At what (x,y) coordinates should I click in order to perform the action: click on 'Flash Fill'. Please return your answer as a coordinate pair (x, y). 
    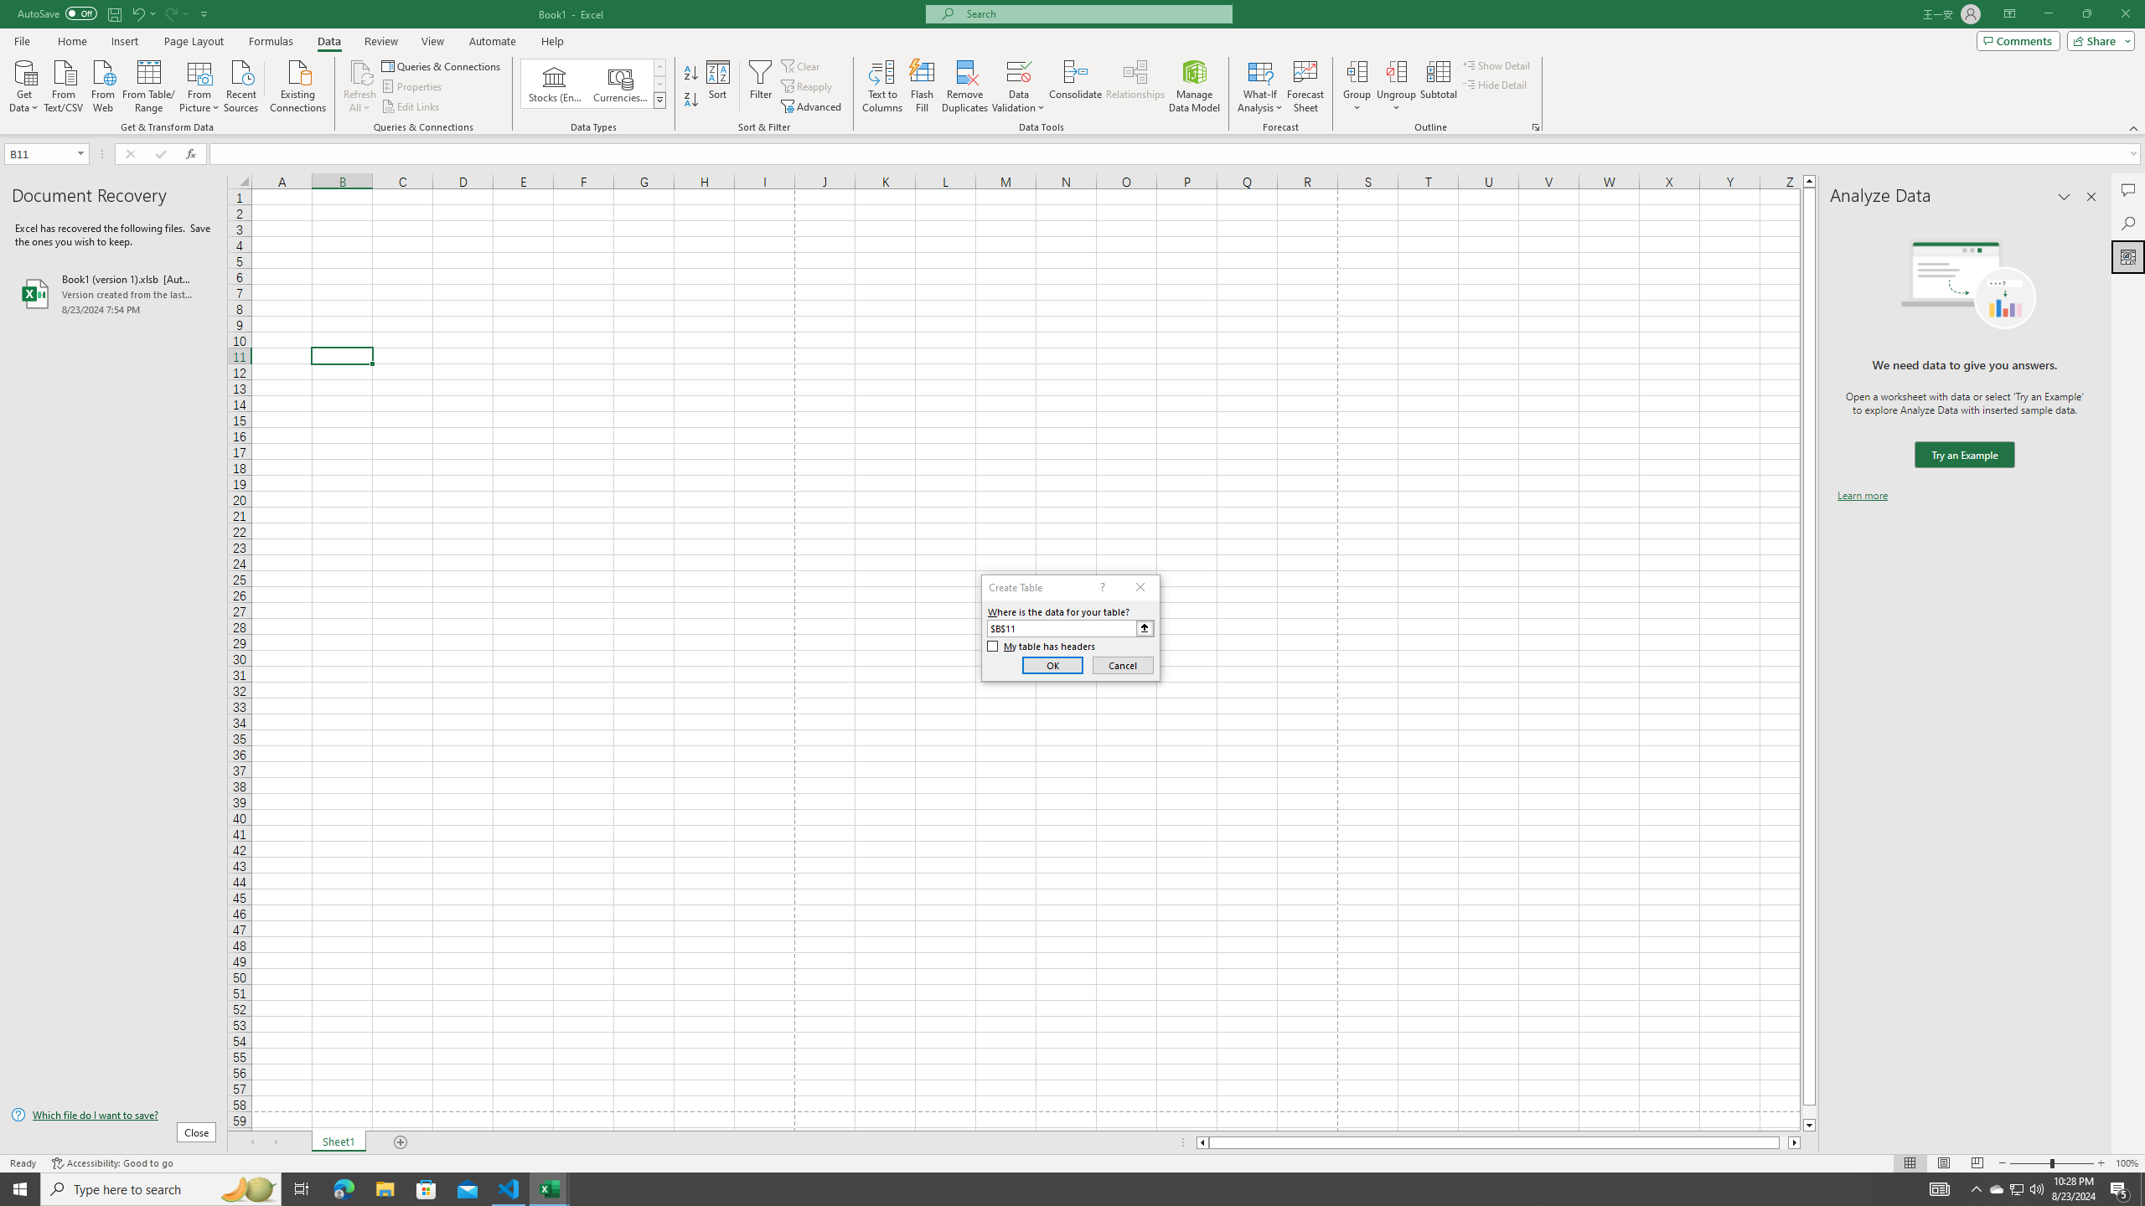
    Looking at the image, I should click on (922, 86).